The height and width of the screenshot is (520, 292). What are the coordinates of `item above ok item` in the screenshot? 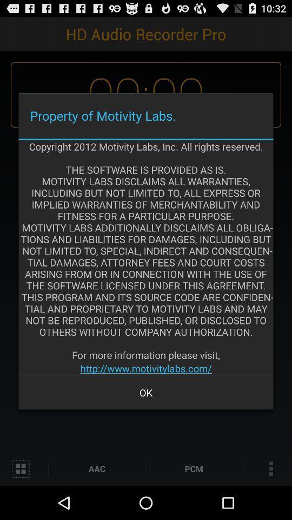 It's located at (146, 368).